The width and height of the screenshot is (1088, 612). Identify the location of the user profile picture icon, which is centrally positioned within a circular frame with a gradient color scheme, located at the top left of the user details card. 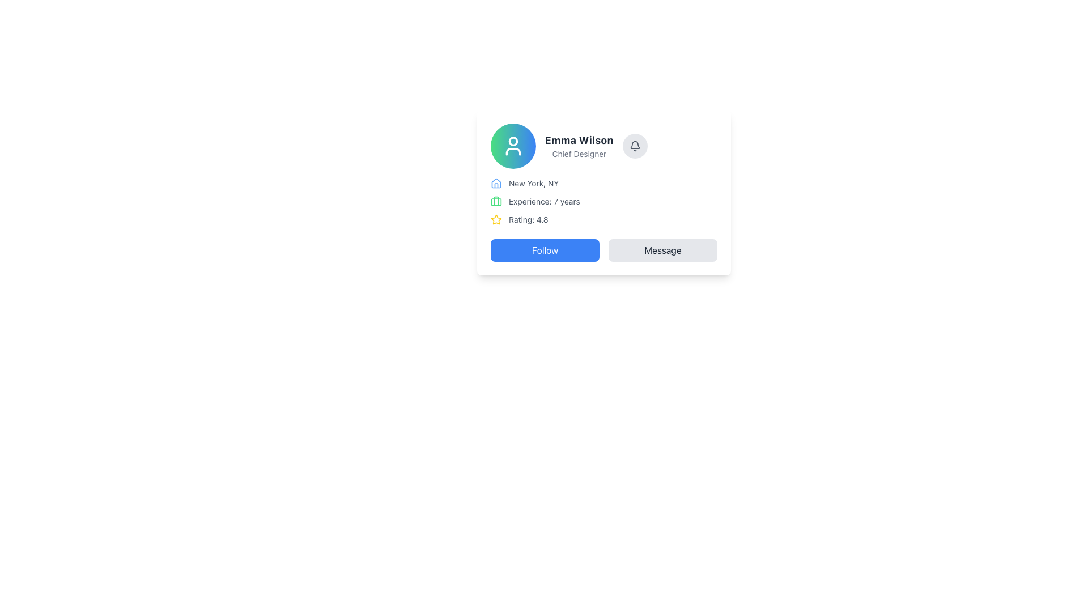
(513, 146).